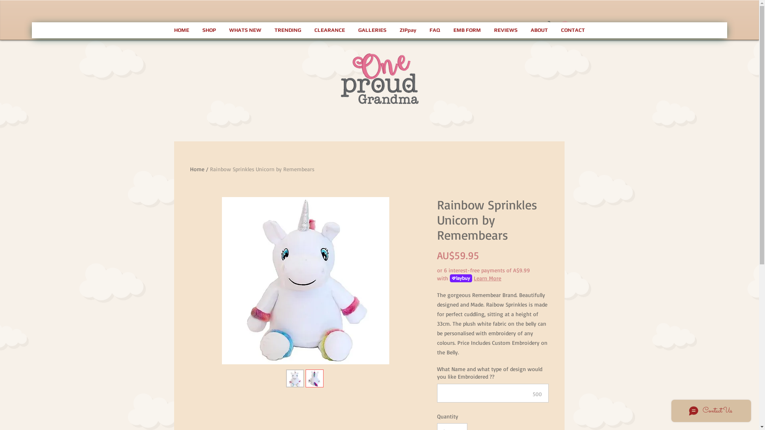  I want to click on 'CONTACT', so click(573, 30).